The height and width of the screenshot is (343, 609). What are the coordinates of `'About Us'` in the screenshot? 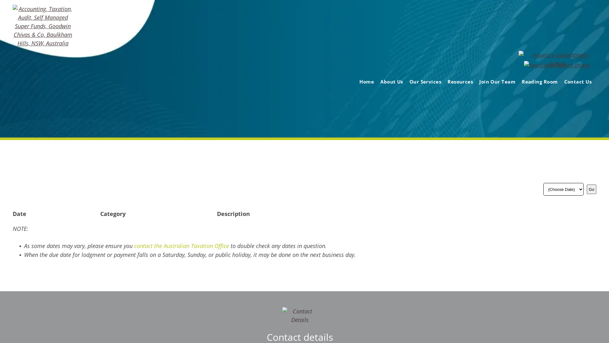 It's located at (377, 81).